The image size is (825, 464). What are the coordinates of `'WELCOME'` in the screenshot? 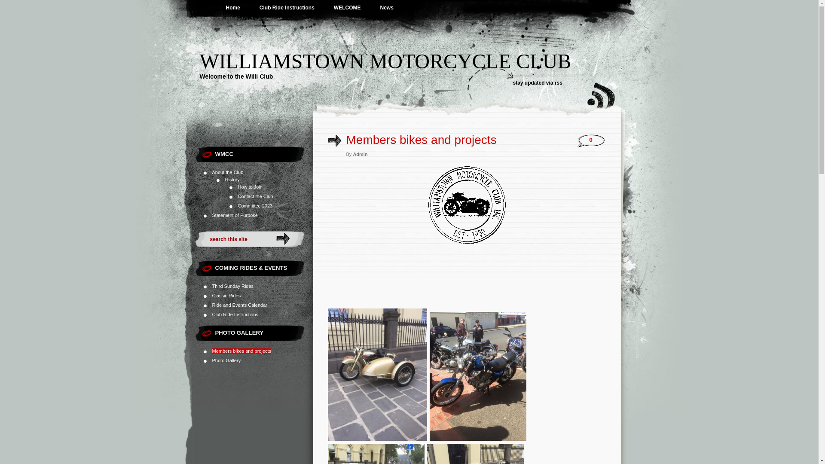 It's located at (347, 8).